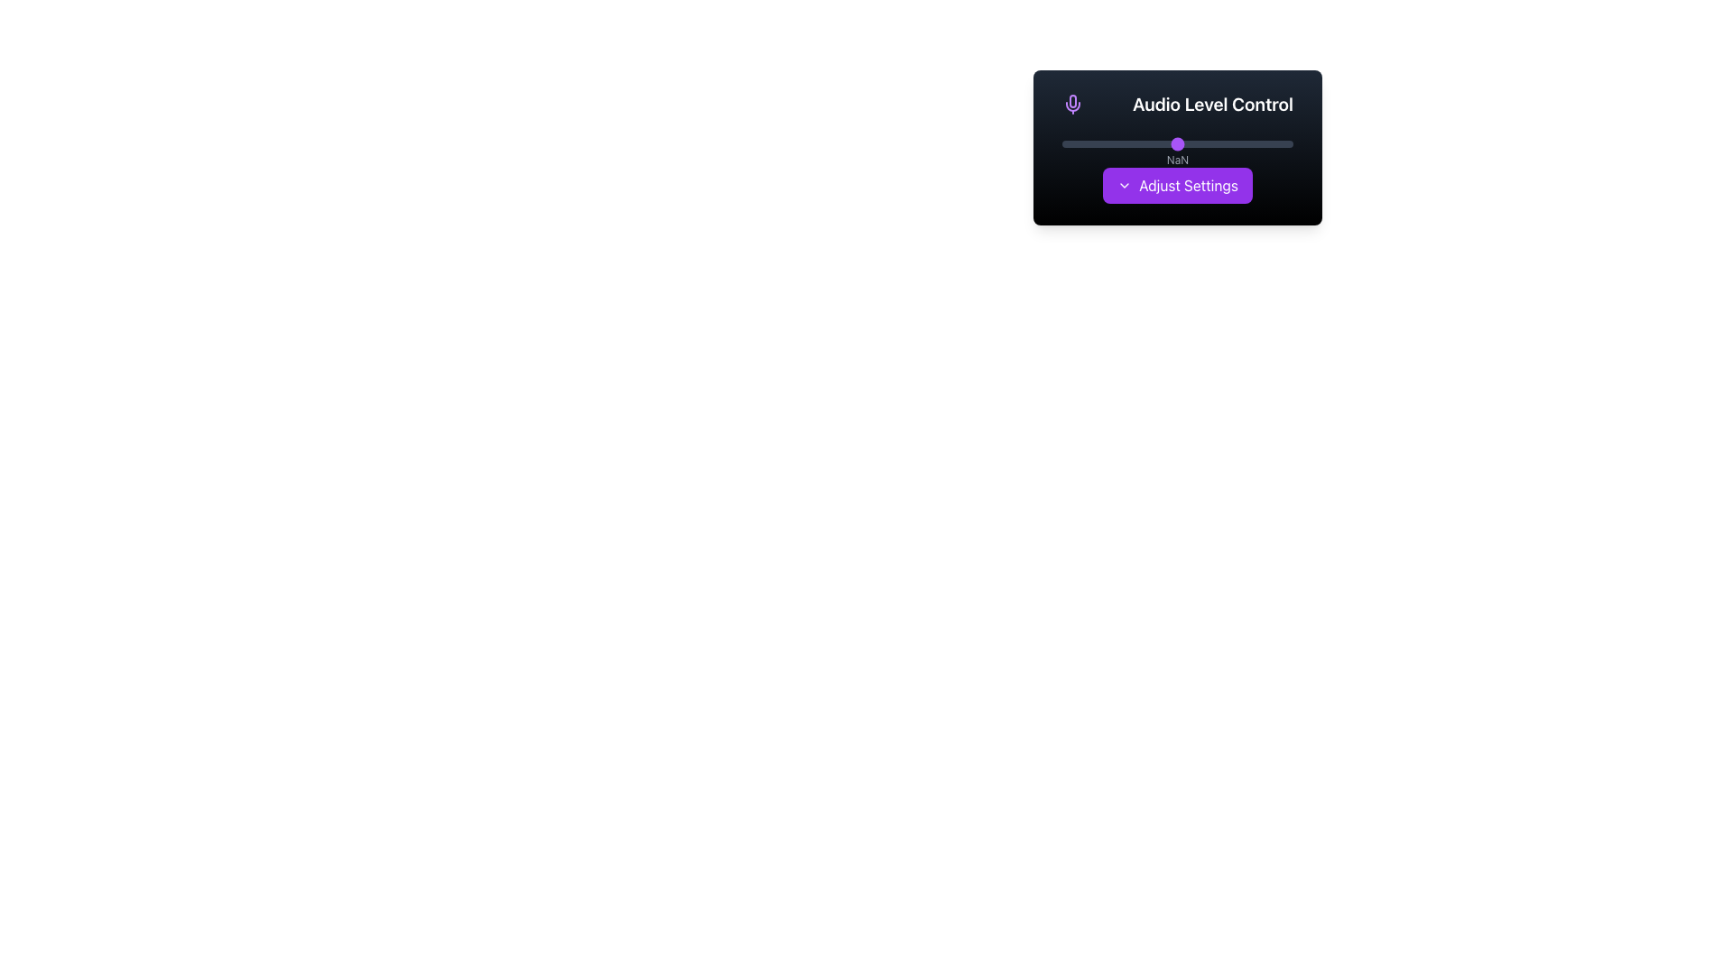  What do you see at coordinates (1124, 185) in the screenshot?
I see `the icon indicating expandable options for the 'Adjust Settings' button, located slightly to the left of the button's text label` at bounding box center [1124, 185].